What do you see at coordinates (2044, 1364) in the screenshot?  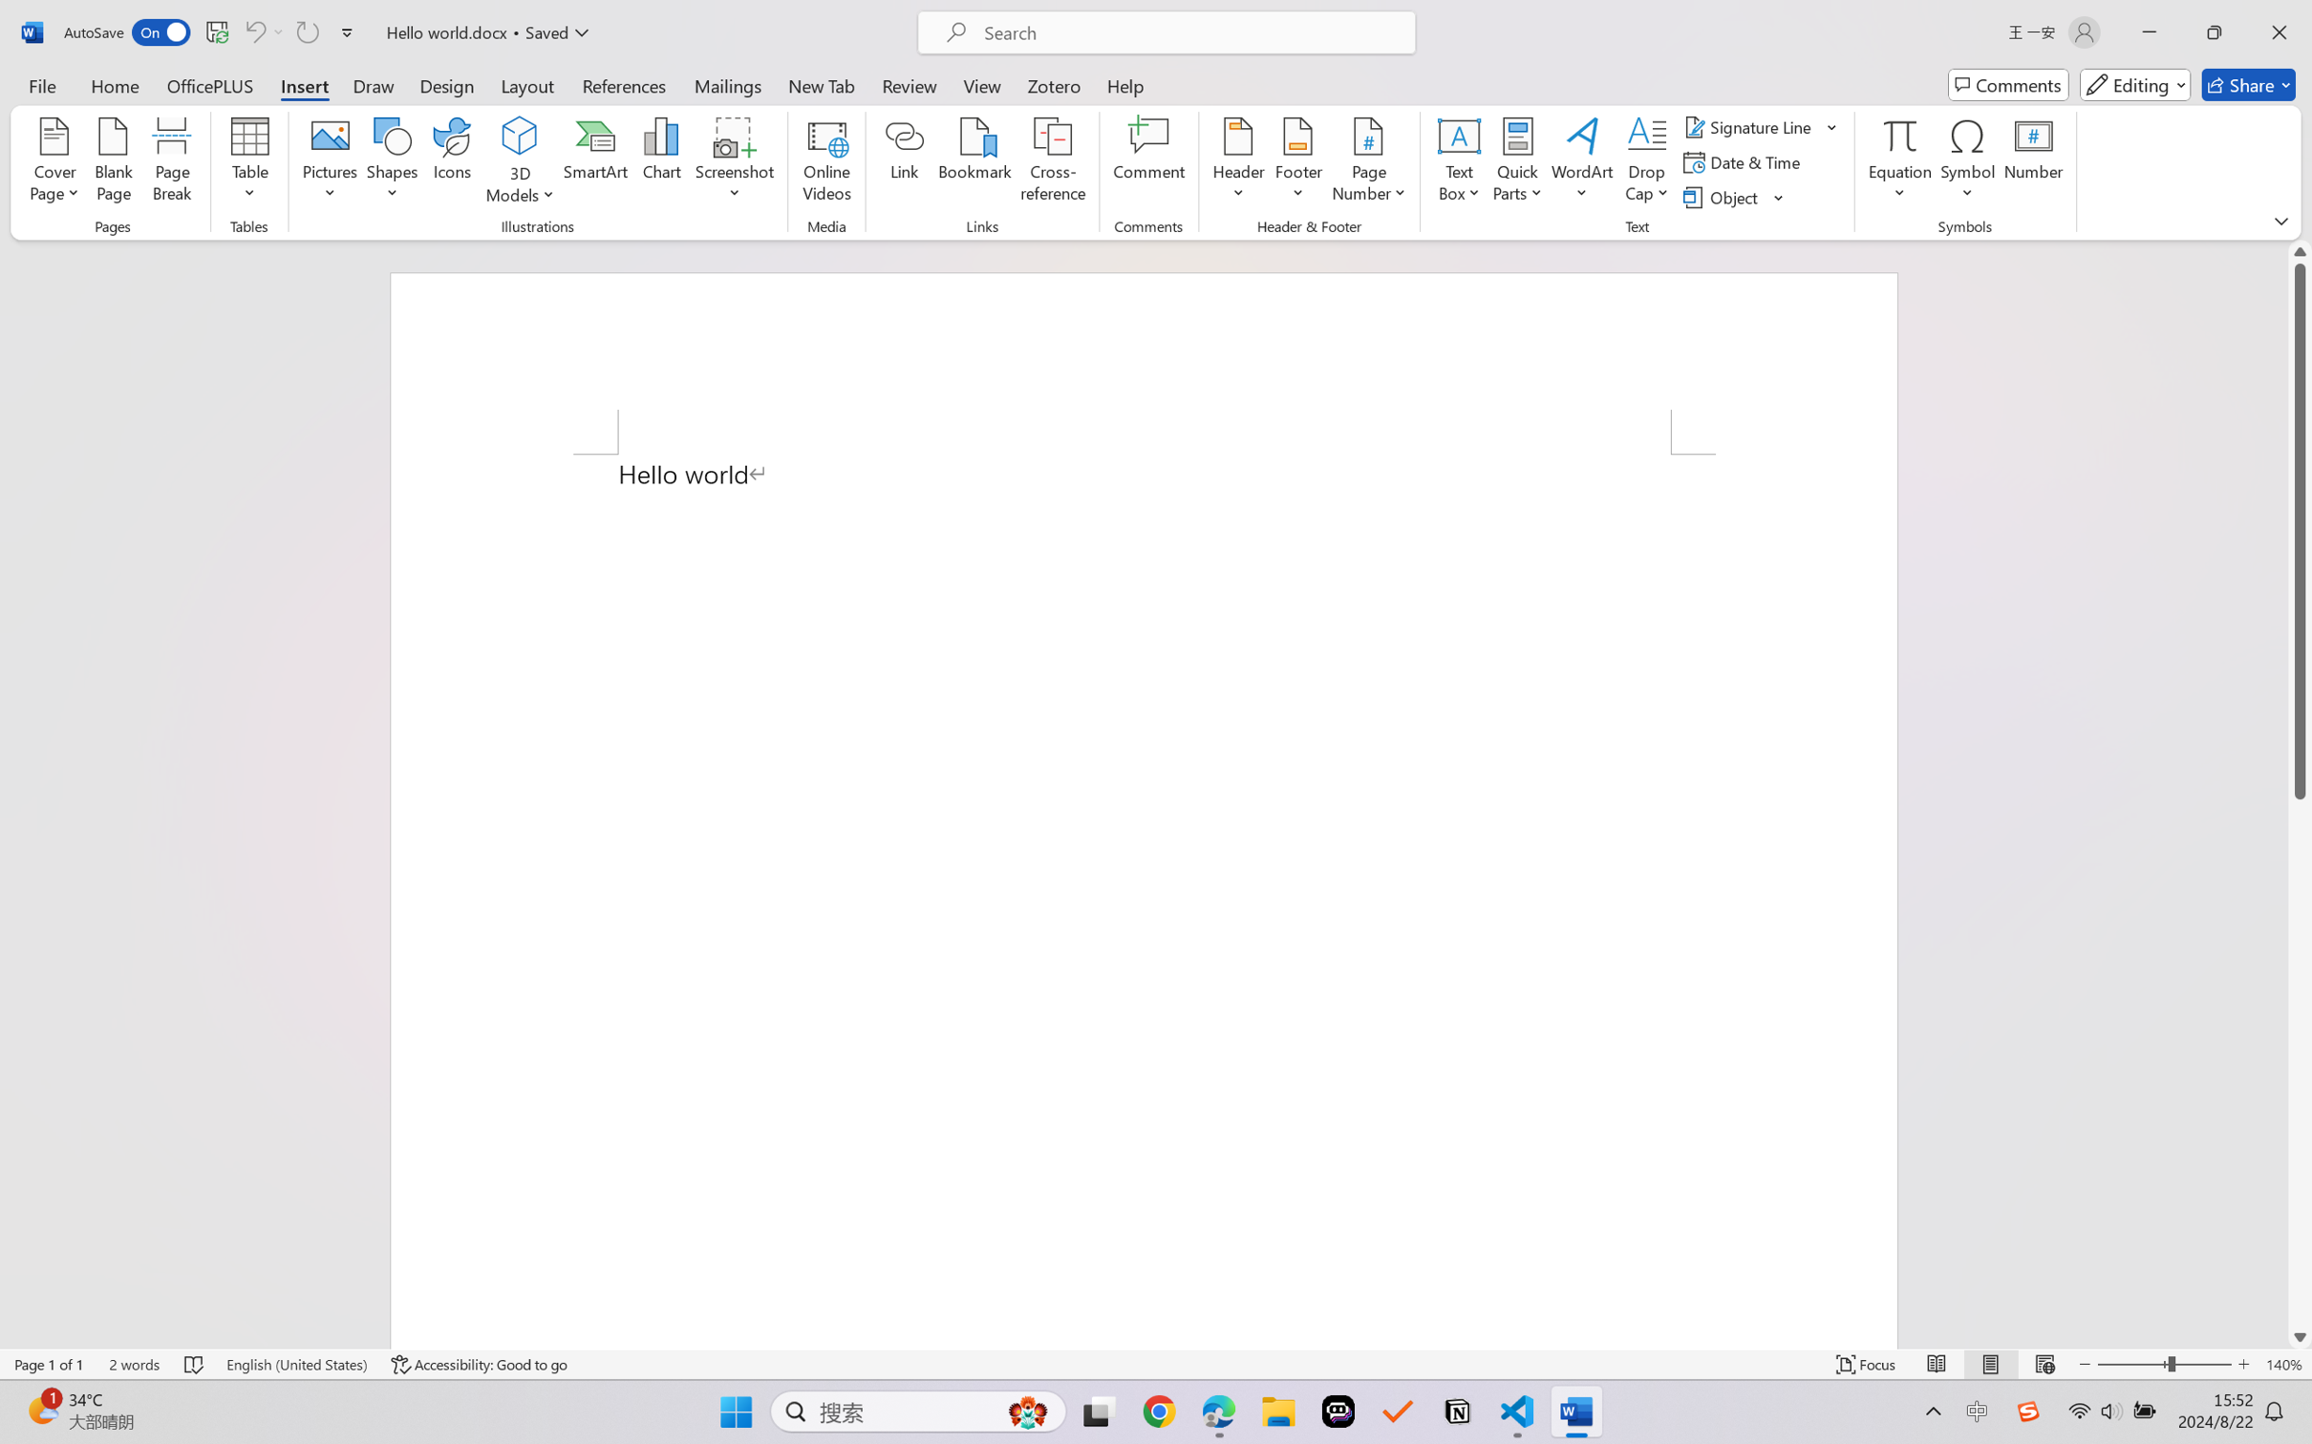 I see `'Web Layout'` at bounding box center [2044, 1364].